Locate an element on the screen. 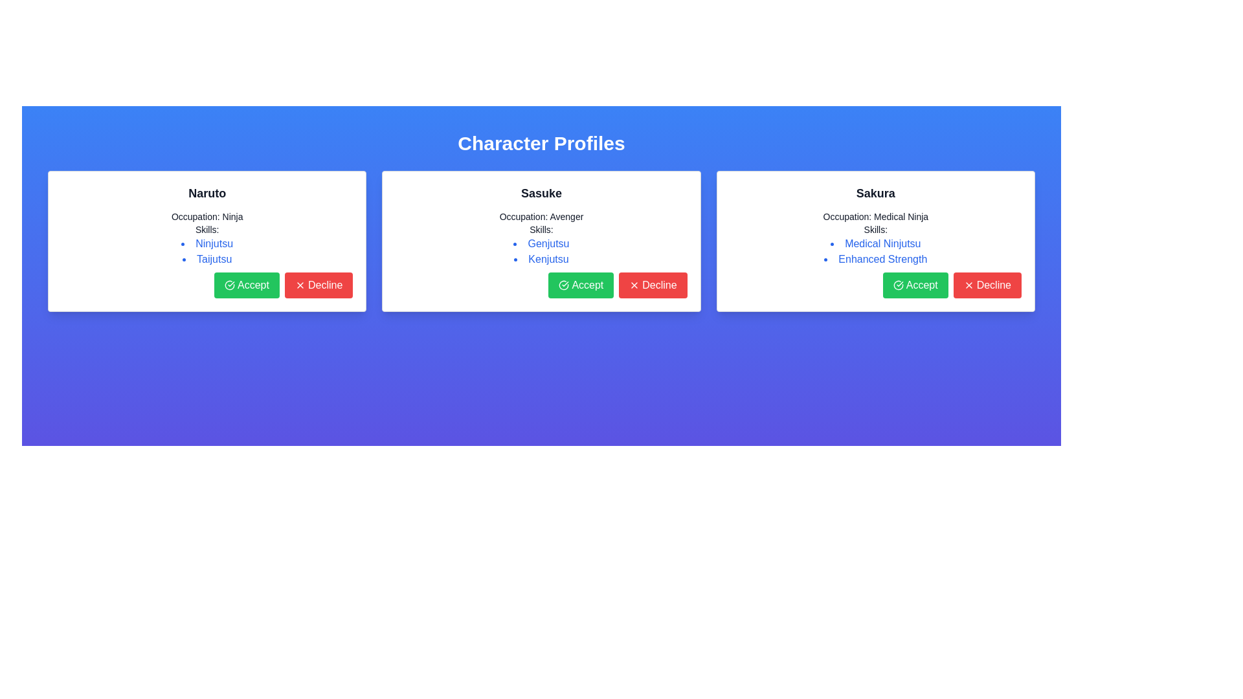 The image size is (1243, 699). text-based informational block detailing Naruto's occupation and skills, located centrally within the 'Naruto' character card, between the character name and the action buttons is located at coordinates (207, 239).